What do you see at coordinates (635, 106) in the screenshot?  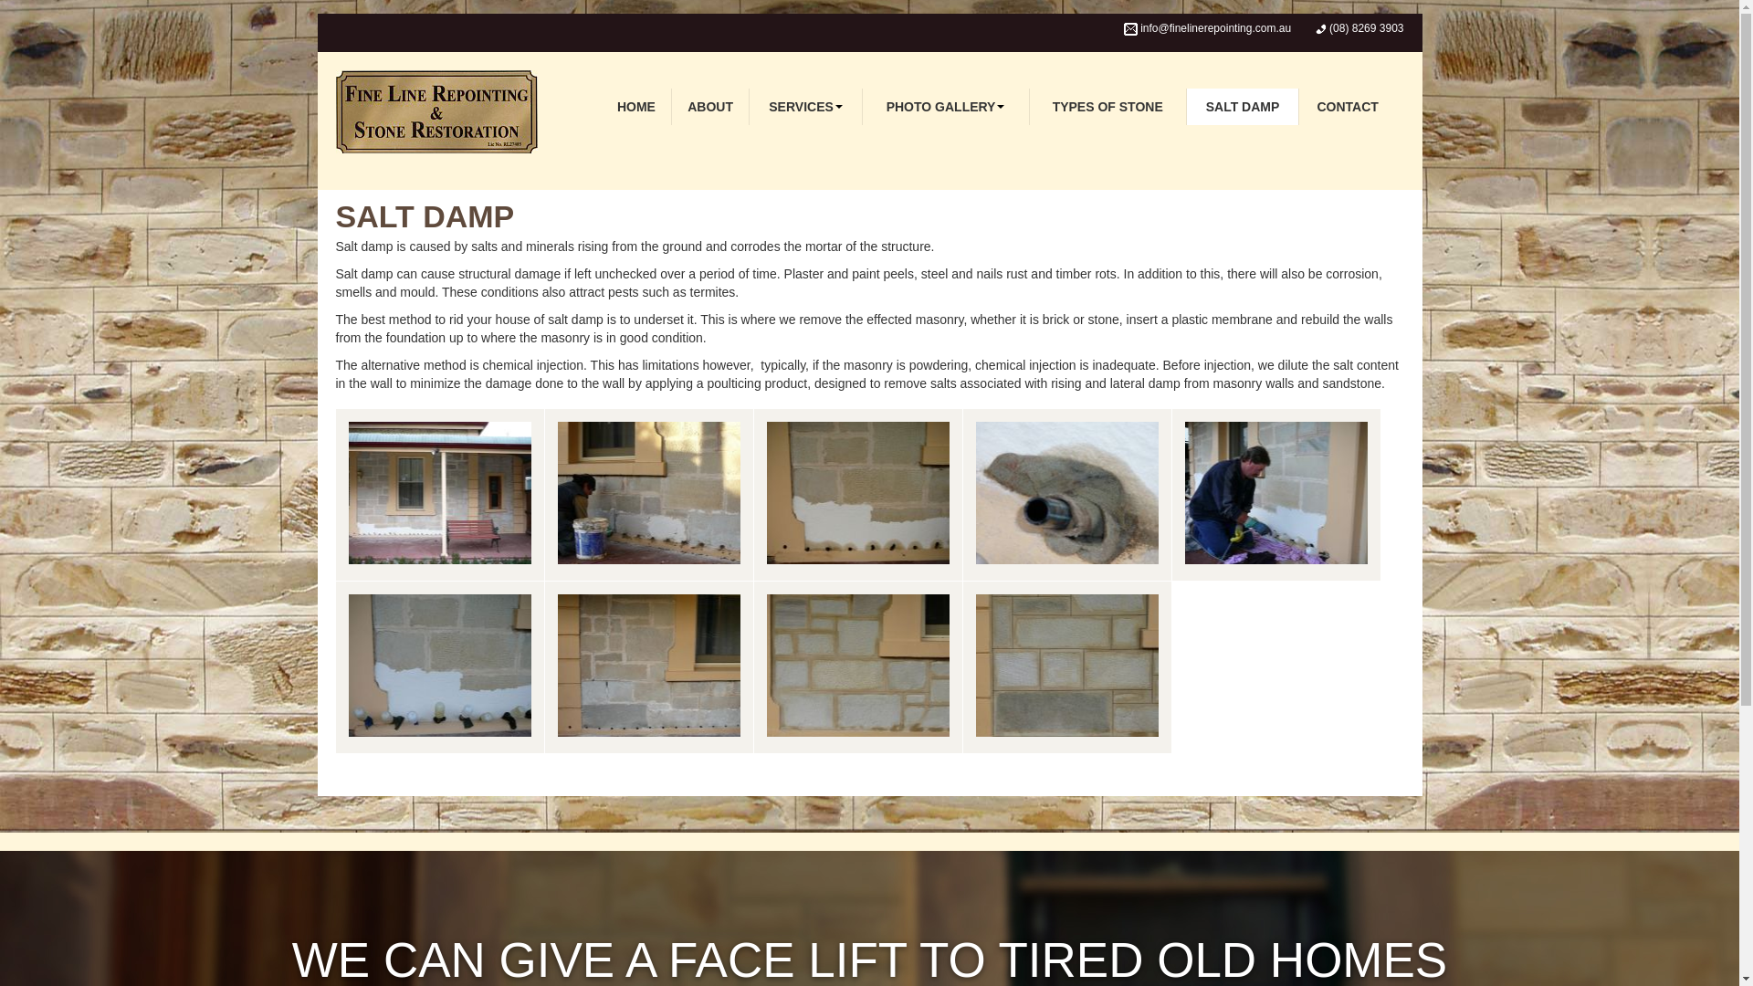 I see `'HOME'` at bounding box center [635, 106].